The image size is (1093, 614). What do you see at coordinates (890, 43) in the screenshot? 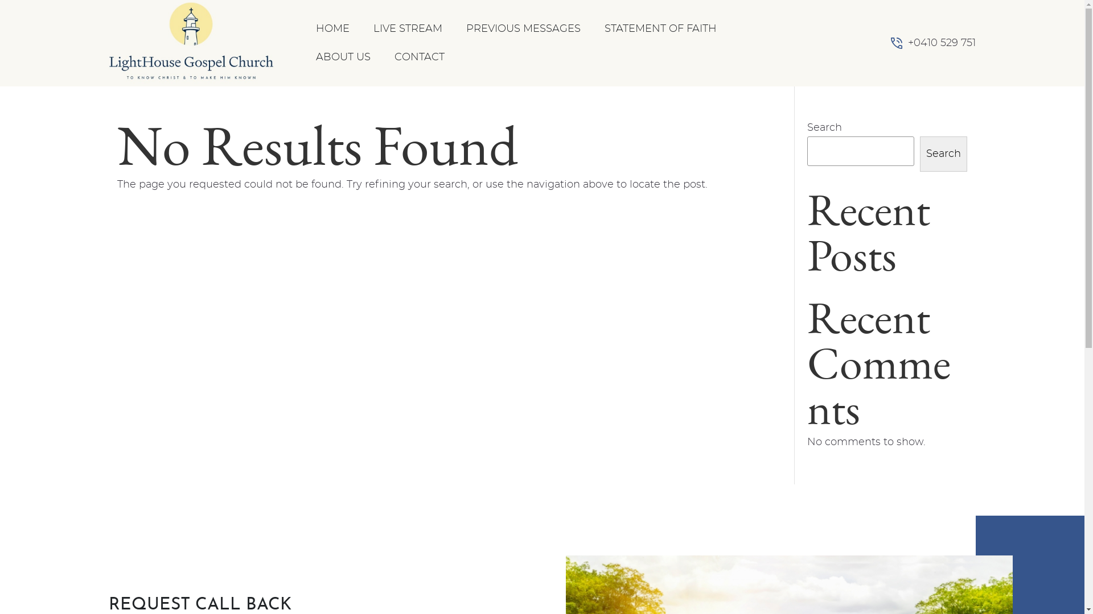
I see `'Phone Number'` at bounding box center [890, 43].